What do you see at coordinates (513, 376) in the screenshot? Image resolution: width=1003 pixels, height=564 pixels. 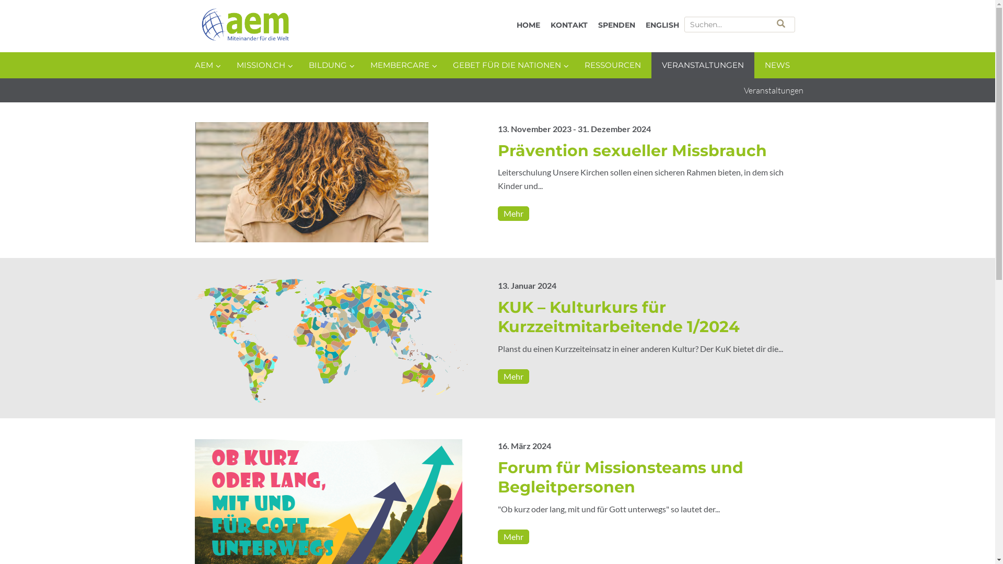 I see `'Mehr'` at bounding box center [513, 376].